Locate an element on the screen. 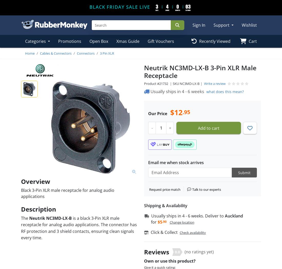 Image resolution: width=282 pixels, height=269 pixels. 'Opening Hours: 8:30am to 5:30pm, Monday to Friday' is located at coordinates (61, 244).